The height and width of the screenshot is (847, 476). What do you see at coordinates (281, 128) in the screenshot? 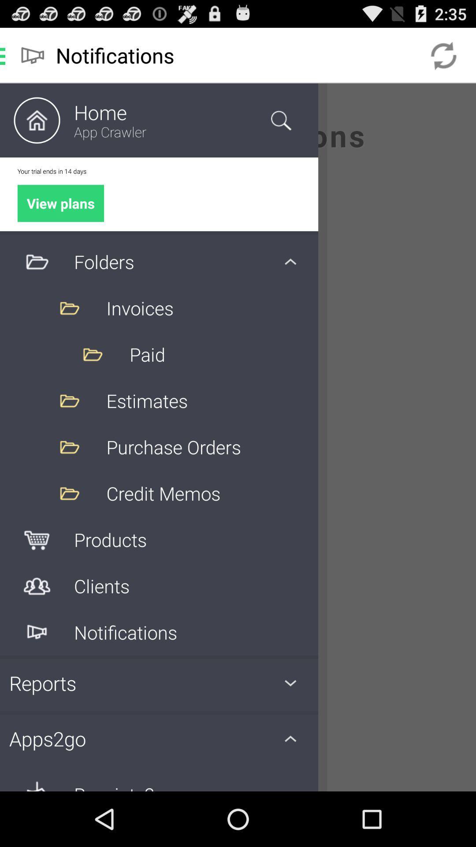
I see `the search icon` at bounding box center [281, 128].